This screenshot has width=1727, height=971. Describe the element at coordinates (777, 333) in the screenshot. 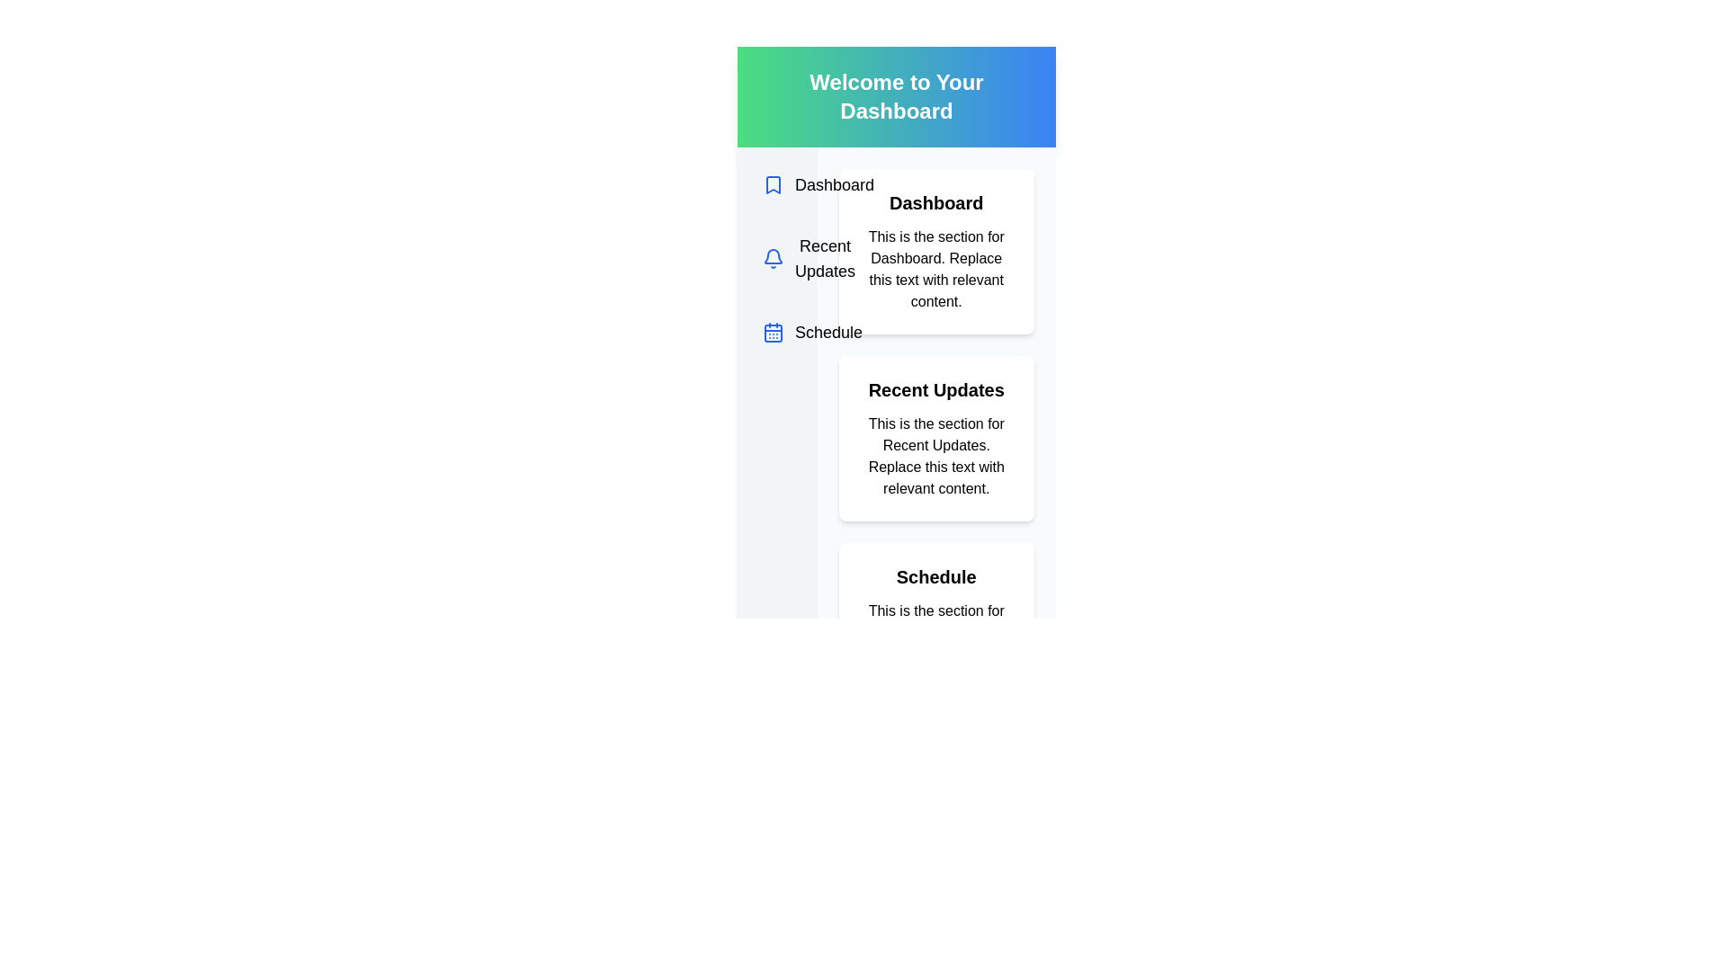

I see `the third icon in the vertical navigation menu that signifies the 'Schedule' section, located in the left-hand sidebar` at that location.